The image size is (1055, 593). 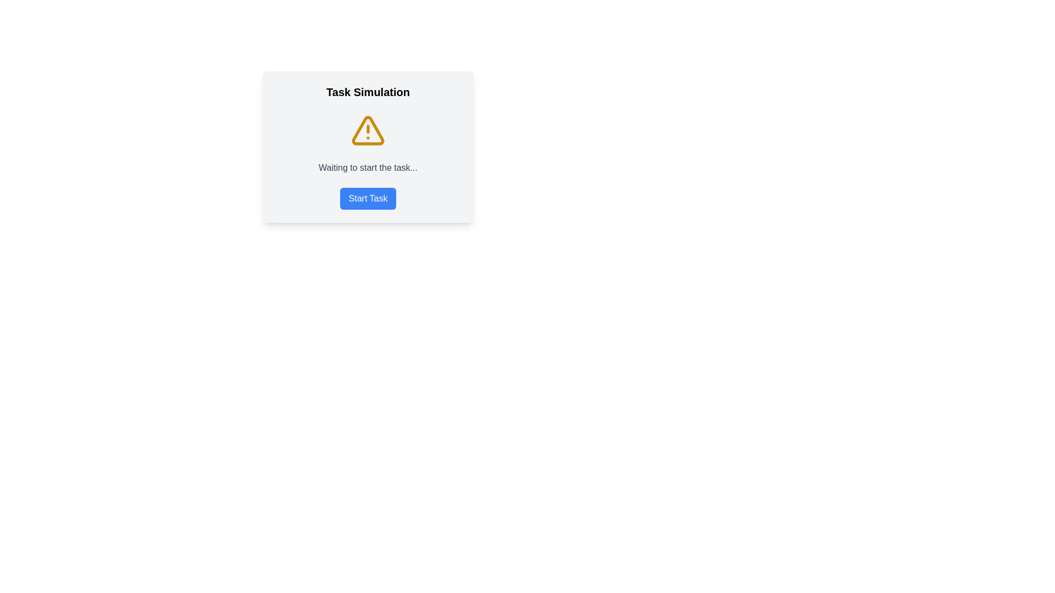 I want to click on the bold, larger-sized text displaying 'Task Simulation' which is prominently styled as a header near the top of the centered box, so click(x=368, y=92).